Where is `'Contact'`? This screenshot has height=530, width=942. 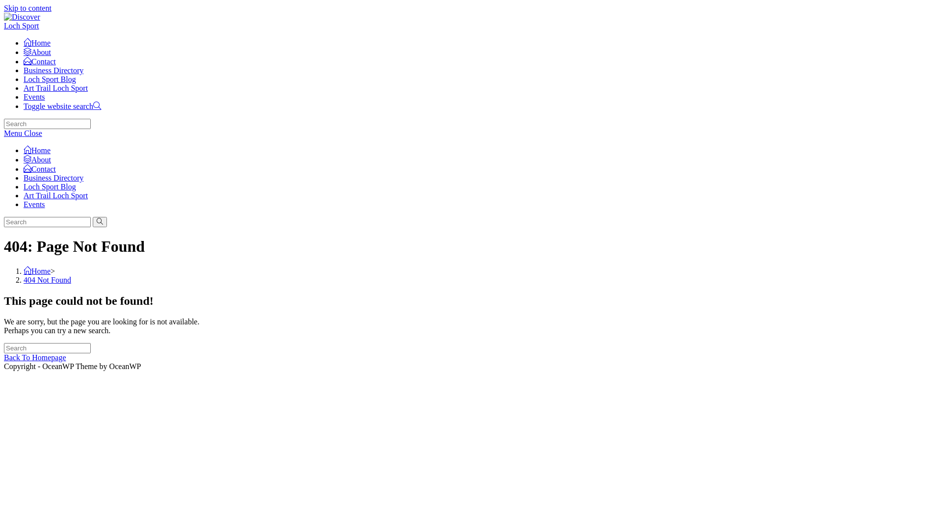 'Contact' is located at coordinates (24, 168).